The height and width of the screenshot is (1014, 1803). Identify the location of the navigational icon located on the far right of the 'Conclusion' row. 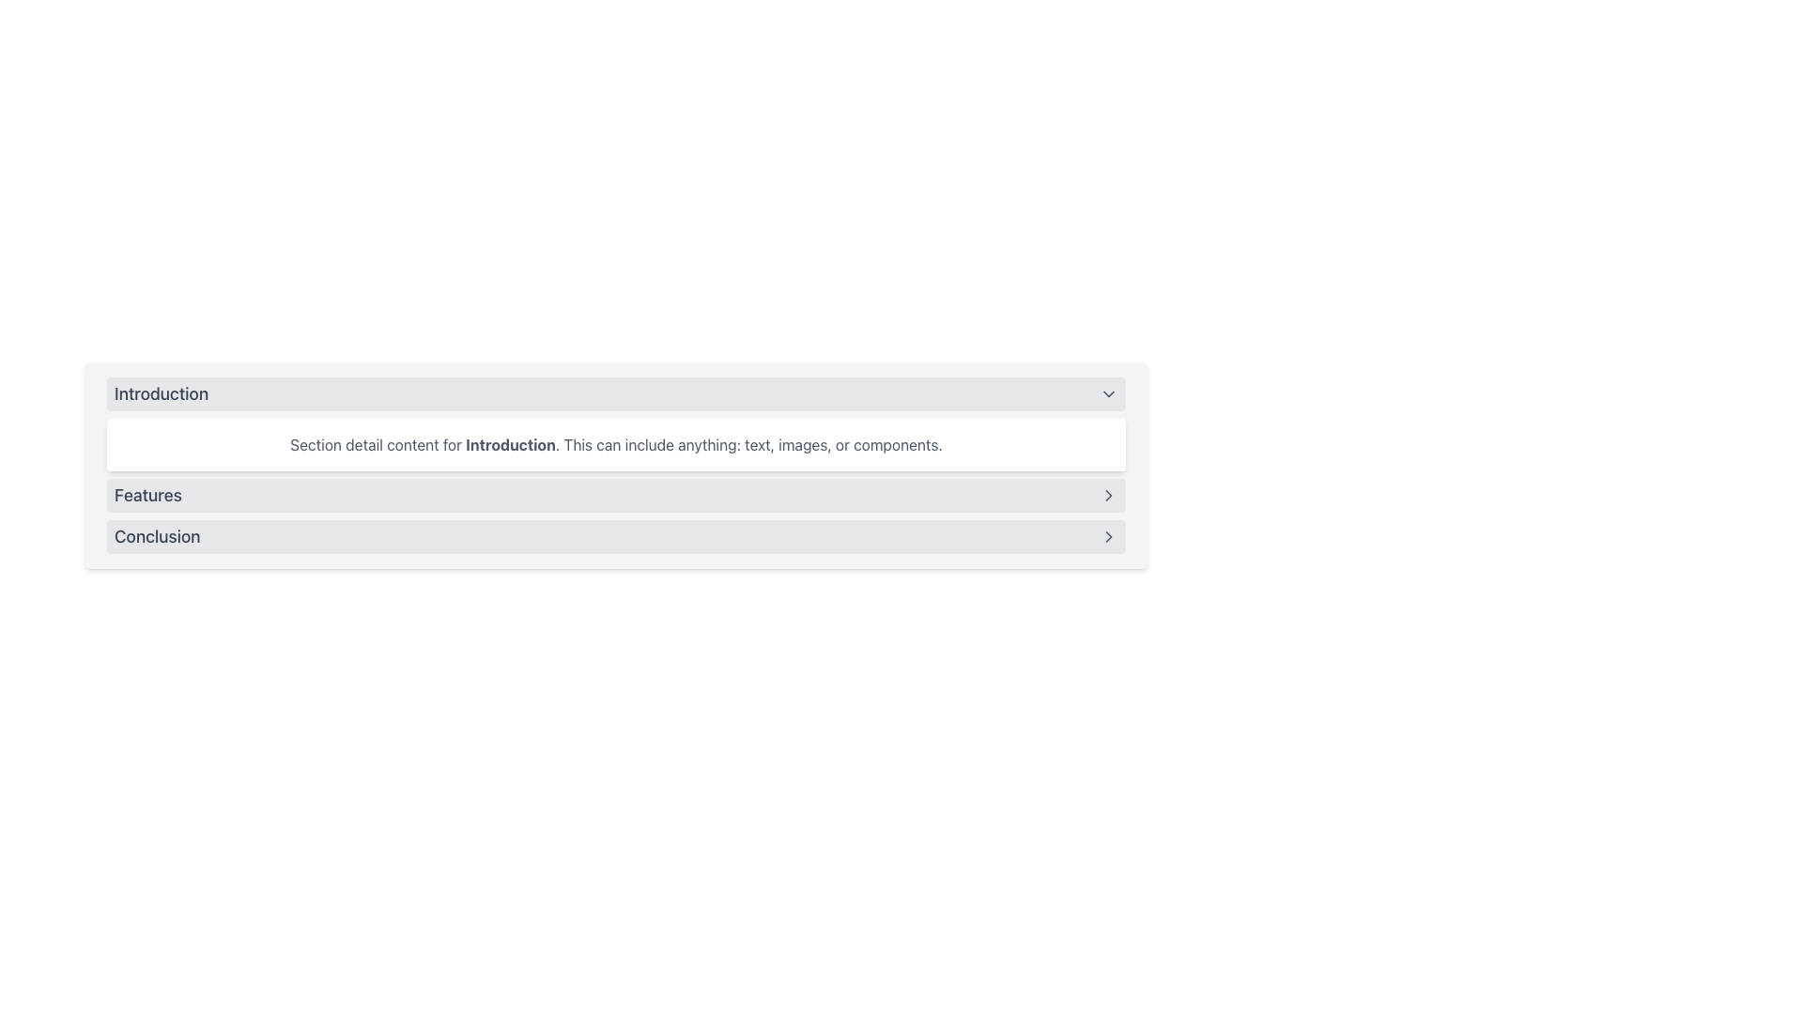
(1108, 536).